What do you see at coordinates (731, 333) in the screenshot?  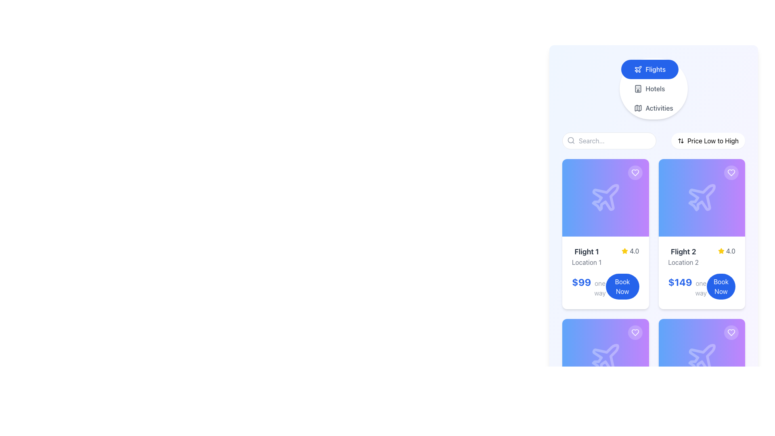 I see `the favorite button located at the top-right corner of the flight details card in the second row, second column of the grid layout` at bounding box center [731, 333].